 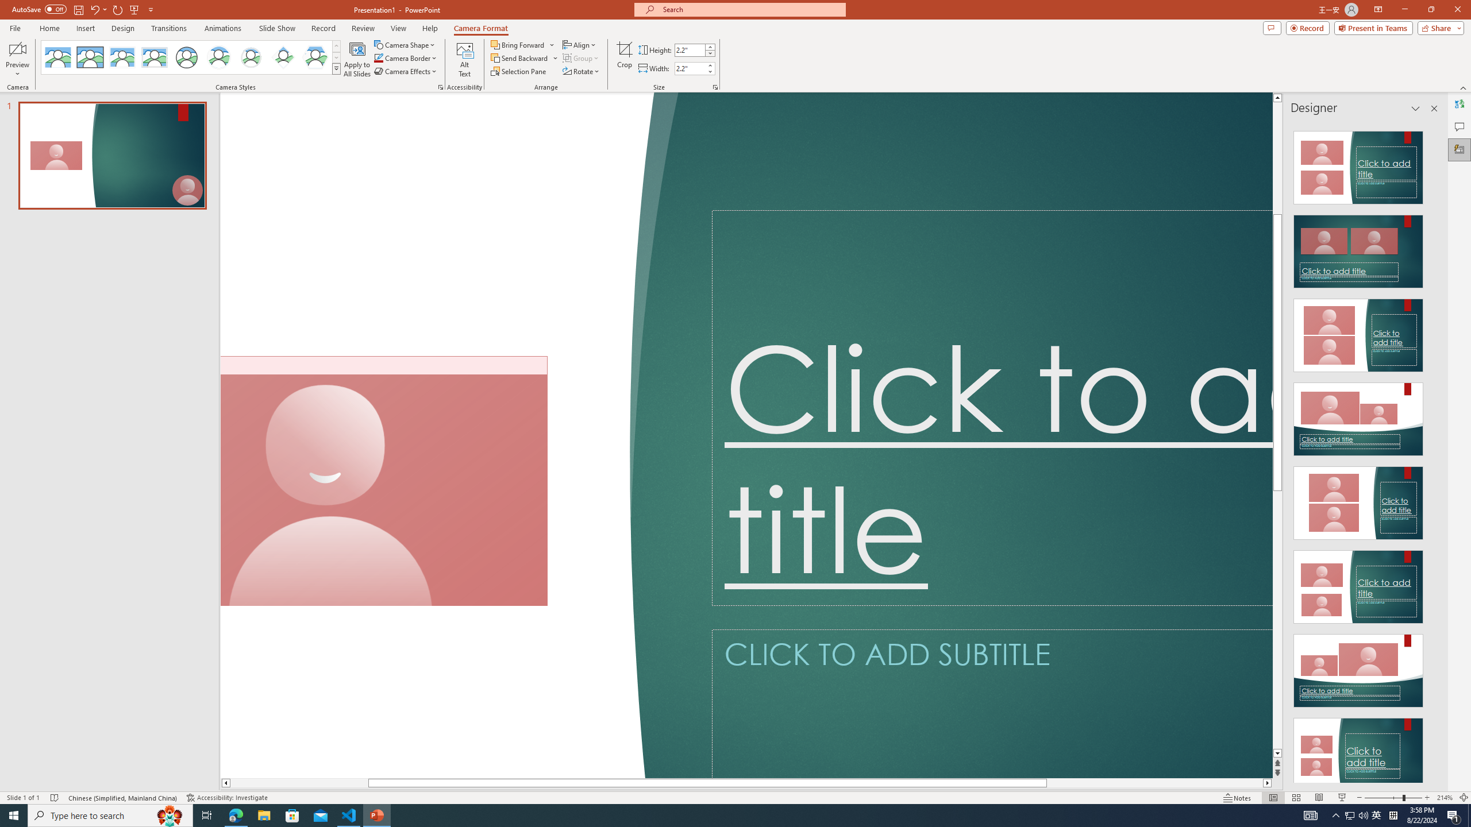 I want to click on 'Camera Border', so click(x=405, y=57).